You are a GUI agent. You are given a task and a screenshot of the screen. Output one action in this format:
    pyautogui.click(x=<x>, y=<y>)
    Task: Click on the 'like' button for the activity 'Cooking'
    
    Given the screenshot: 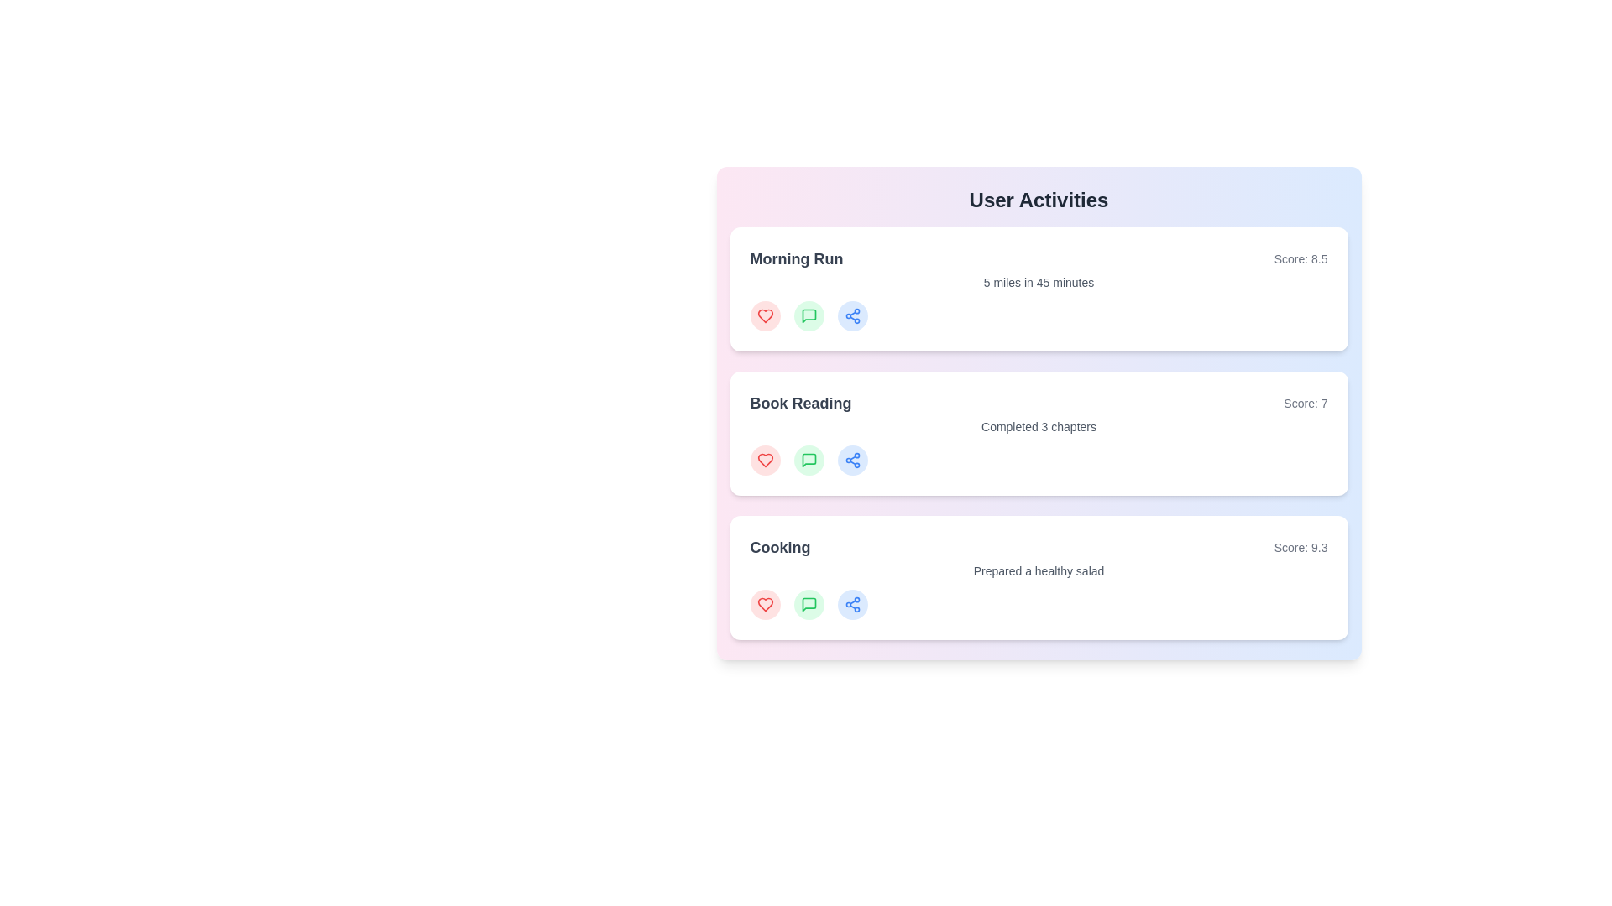 What is the action you would take?
    pyautogui.click(x=764, y=605)
    